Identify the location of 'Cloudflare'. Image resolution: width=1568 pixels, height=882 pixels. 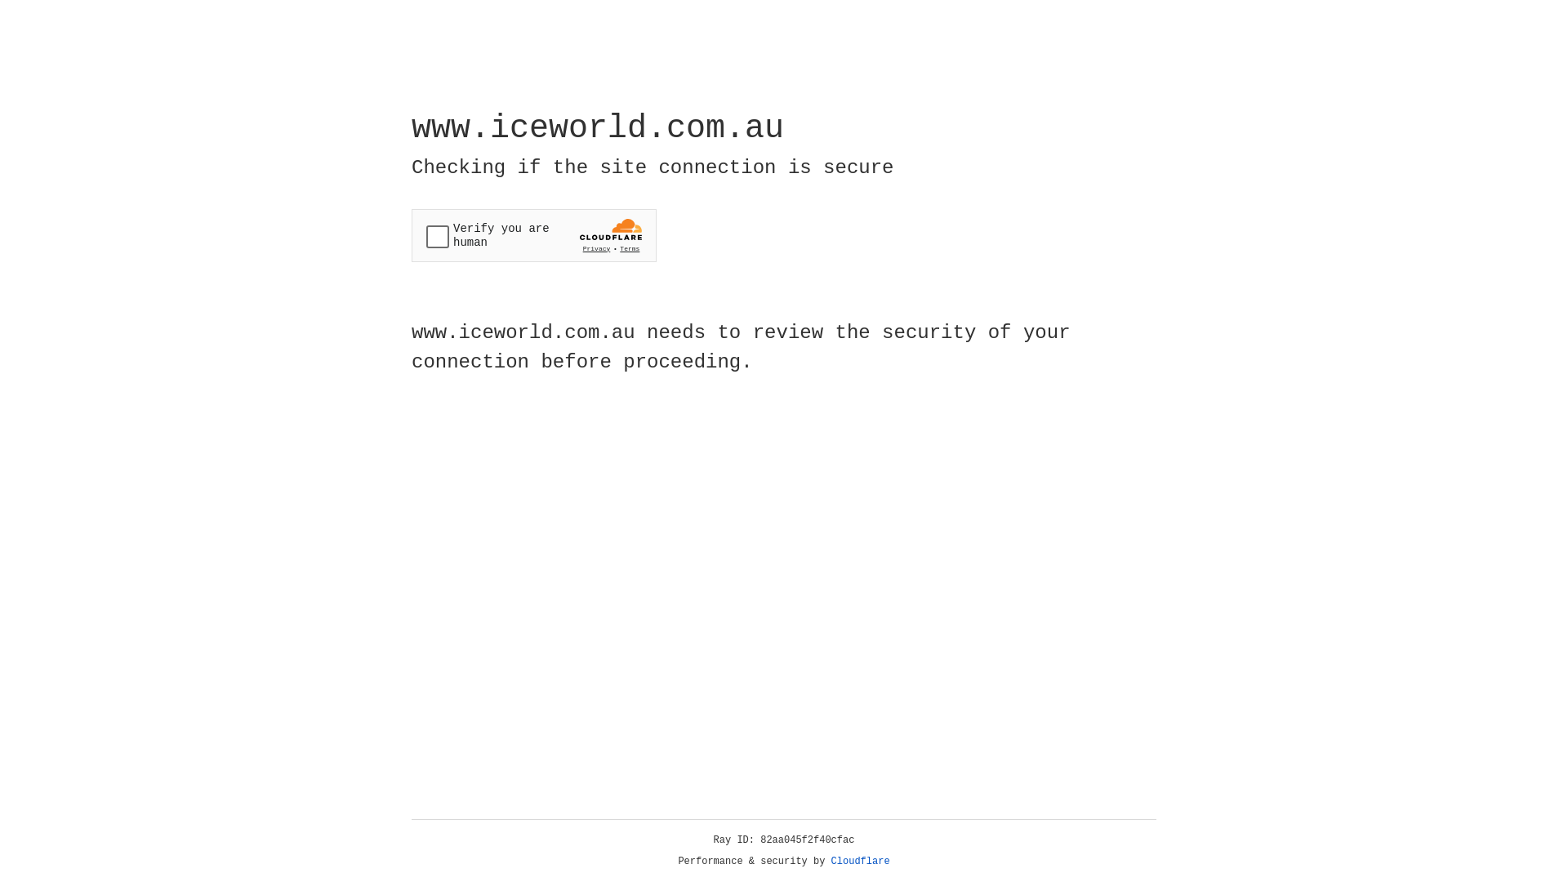
(860, 861).